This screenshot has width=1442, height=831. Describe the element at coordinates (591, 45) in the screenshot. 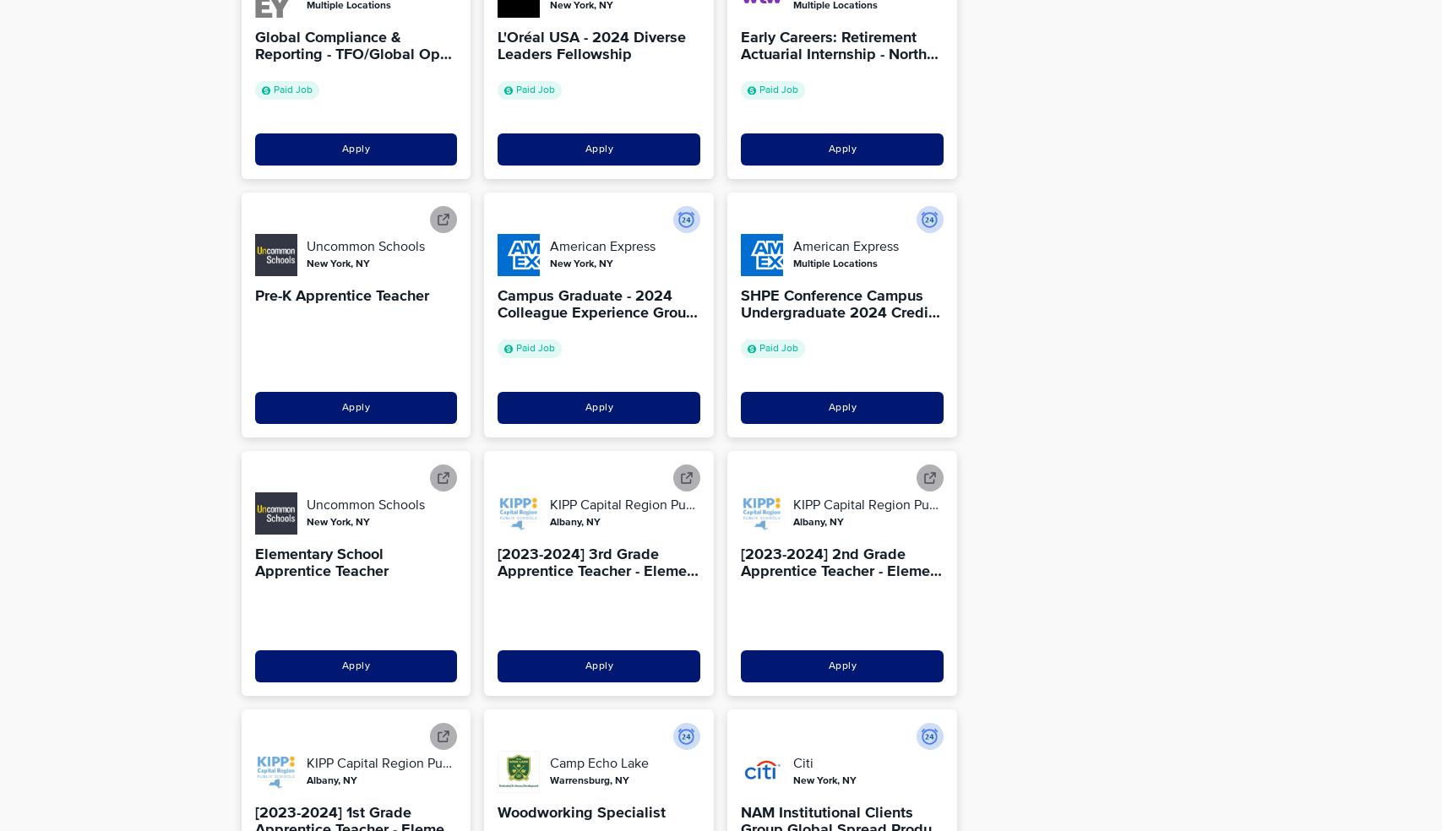

I see `'L'Oréal USA - 2024 Diverse Leaders Fellowship'` at that location.